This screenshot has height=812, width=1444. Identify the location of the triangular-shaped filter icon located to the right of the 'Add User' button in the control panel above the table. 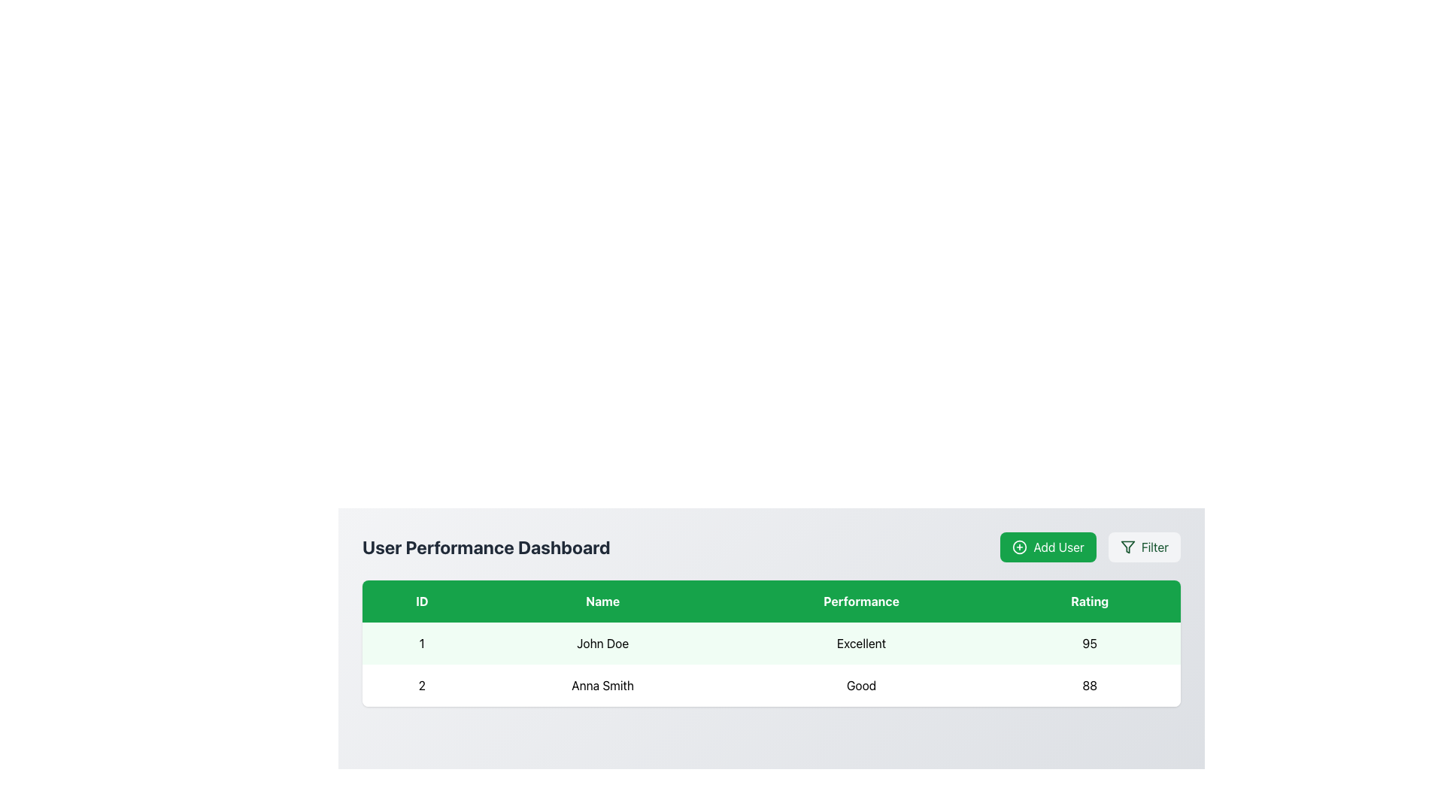
(1127, 547).